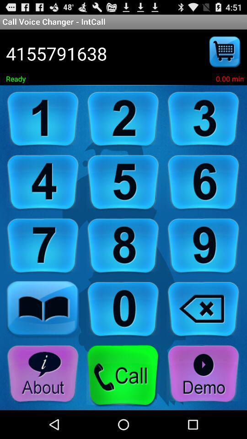 This screenshot has height=439, width=247. Describe the element at coordinates (43, 119) in the screenshot. I see `number 1` at that location.